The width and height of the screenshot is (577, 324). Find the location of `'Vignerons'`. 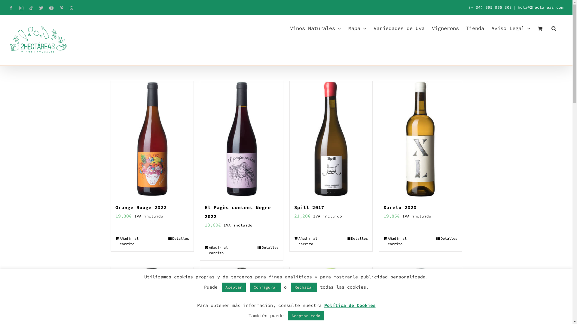

'Vignerons' is located at coordinates (445, 28).